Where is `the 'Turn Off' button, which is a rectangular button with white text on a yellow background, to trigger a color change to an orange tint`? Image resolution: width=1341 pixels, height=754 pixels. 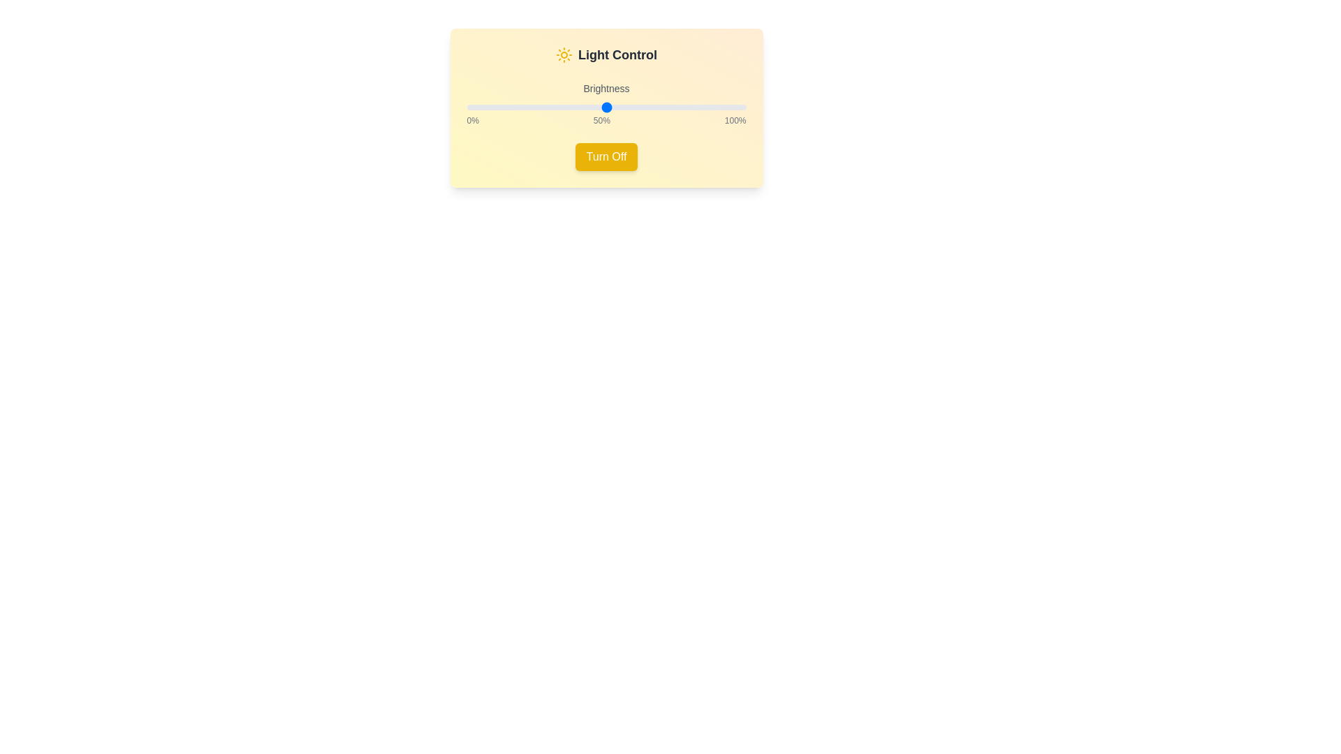
the 'Turn Off' button, which is a rectangular button with white text on a yellow background, to trigger a color change to an orange tint is located at coordinates (606, 156).